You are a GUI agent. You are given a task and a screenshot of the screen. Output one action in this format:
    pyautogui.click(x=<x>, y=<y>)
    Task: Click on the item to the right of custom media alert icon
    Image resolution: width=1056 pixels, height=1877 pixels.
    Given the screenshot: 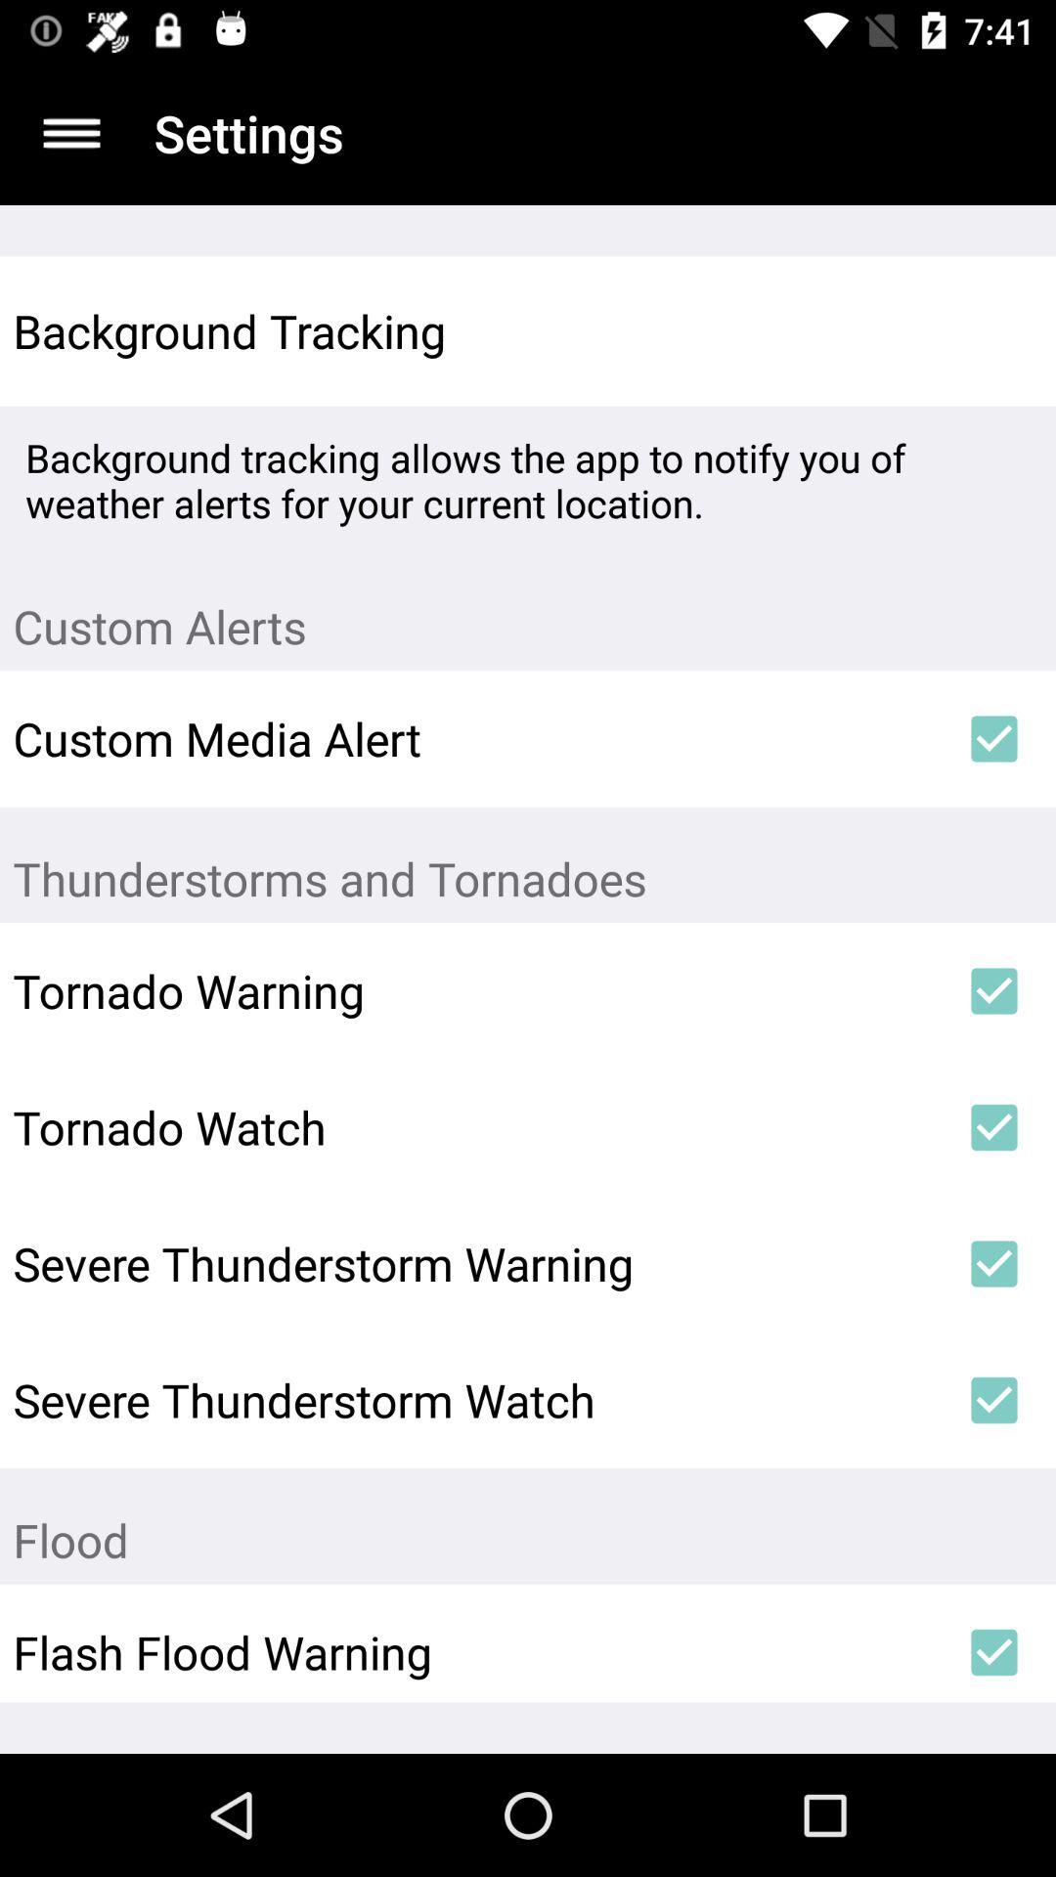 What is the action you would take?
    pyautogui.click(x=994, y=737)
    